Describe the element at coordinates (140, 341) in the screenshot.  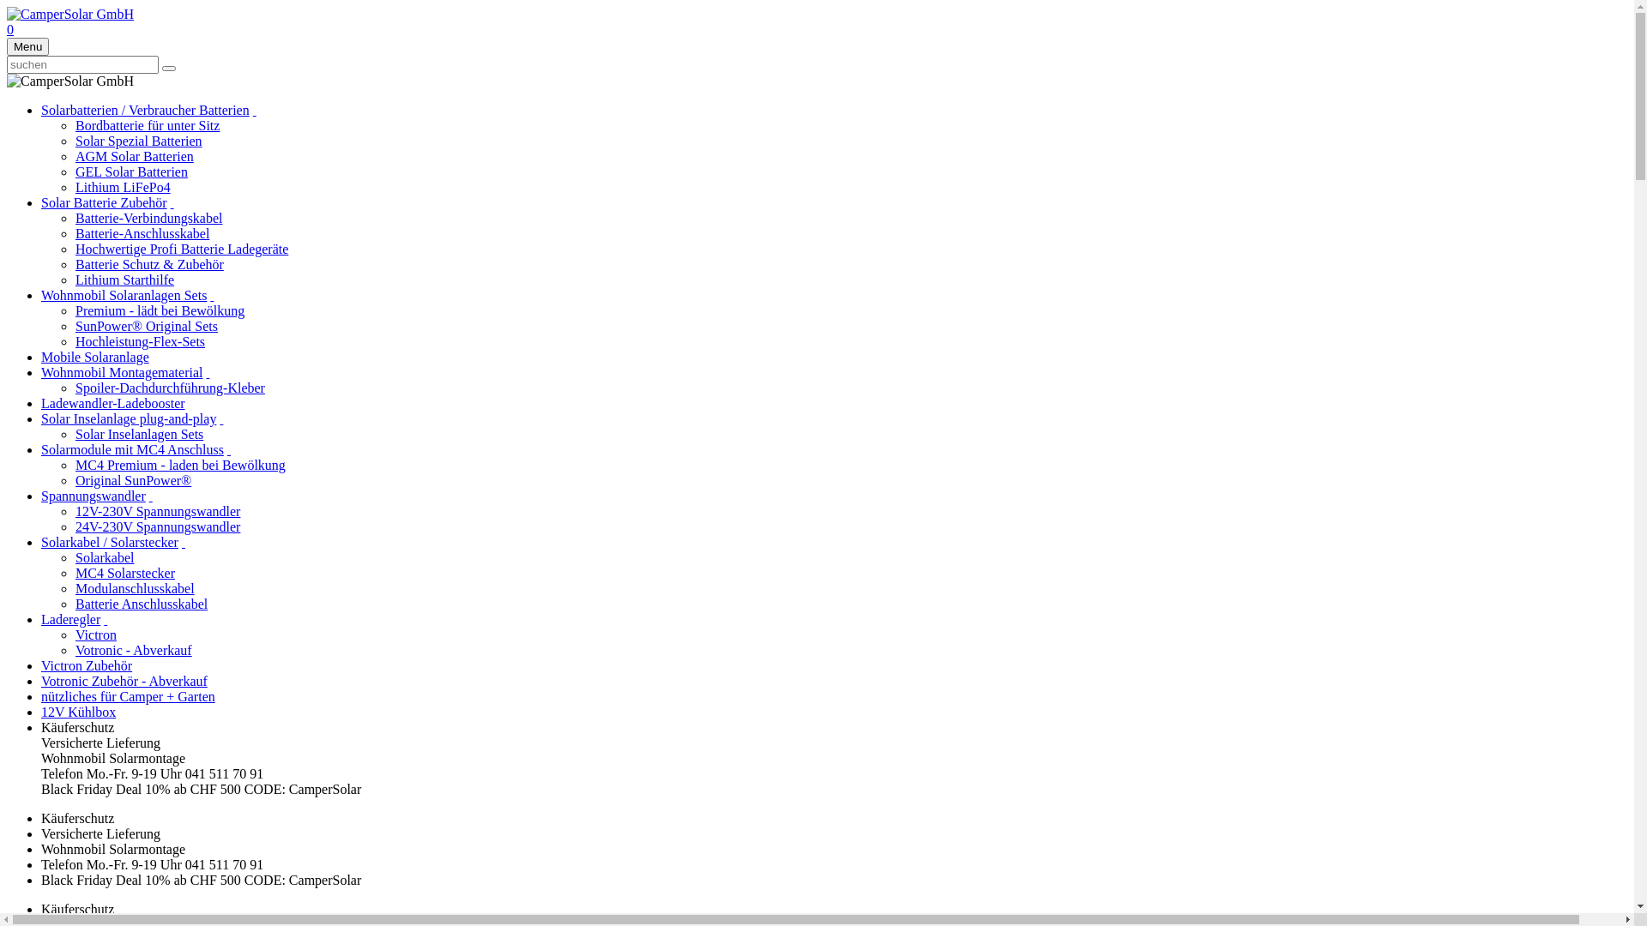
I see `'Hochleistung-Flex-Sets'` at that location.